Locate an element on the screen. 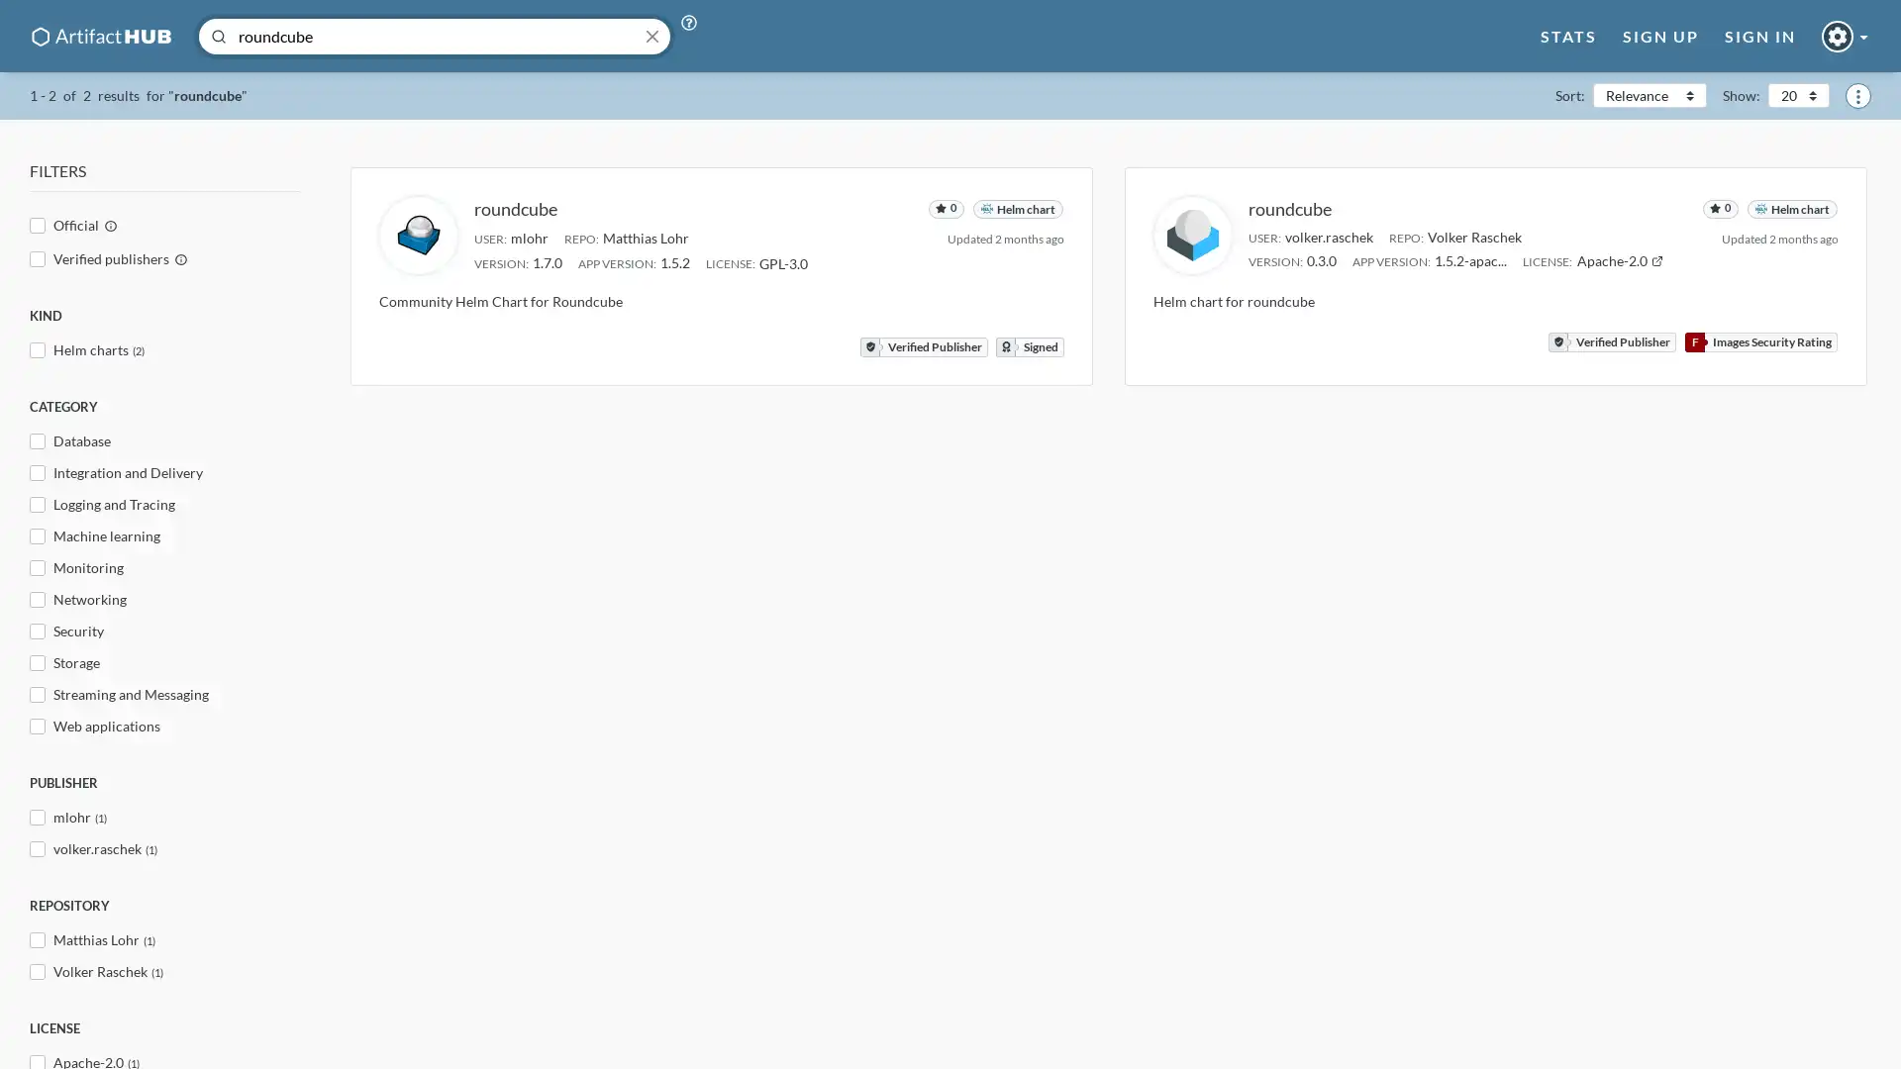 The image size is (1901, 1069). Open Apache-2.0 documentation is located at coordinates (1620, 259).